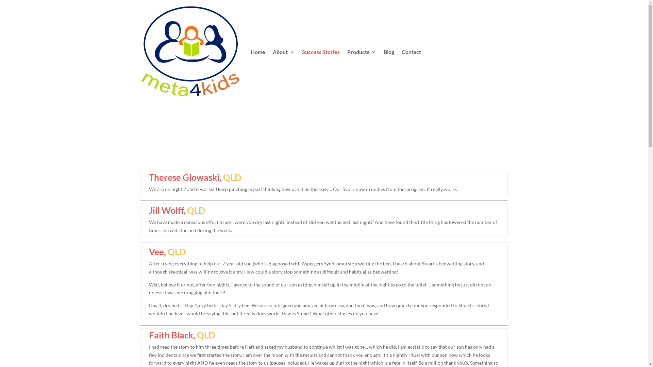  Describe the element at coordinates (389, 52) in the screenshot. I see `'Blog'` at that location.